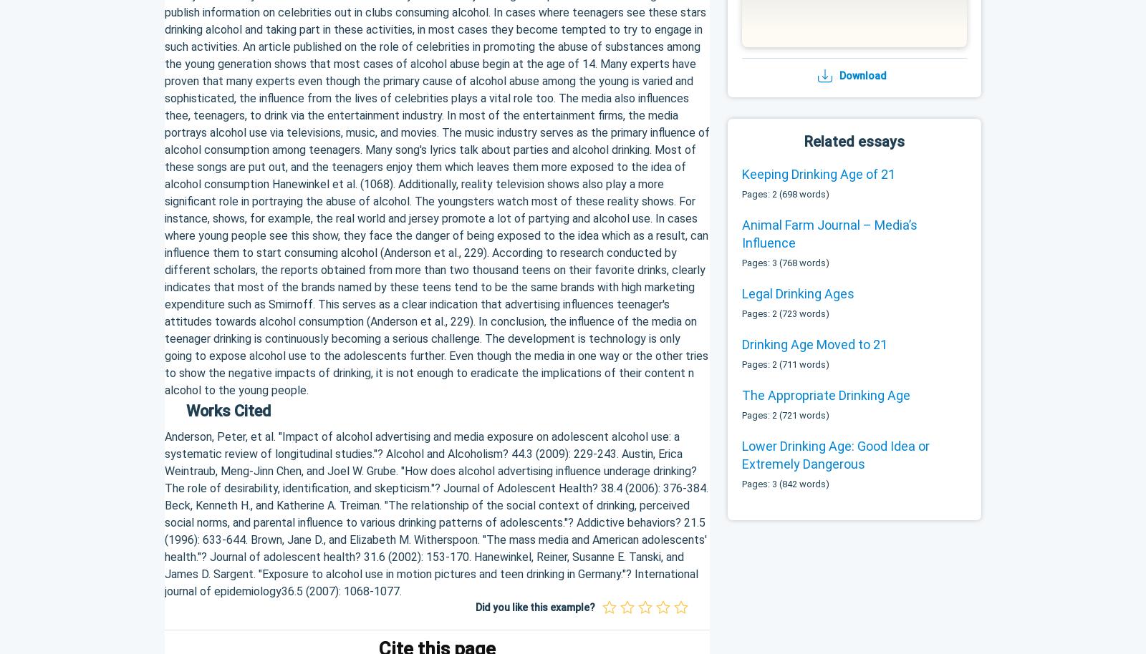 This screenshot has height=654, width=1146. I want to click on 'Pages: 2 (723 words)', so click(785, 312).